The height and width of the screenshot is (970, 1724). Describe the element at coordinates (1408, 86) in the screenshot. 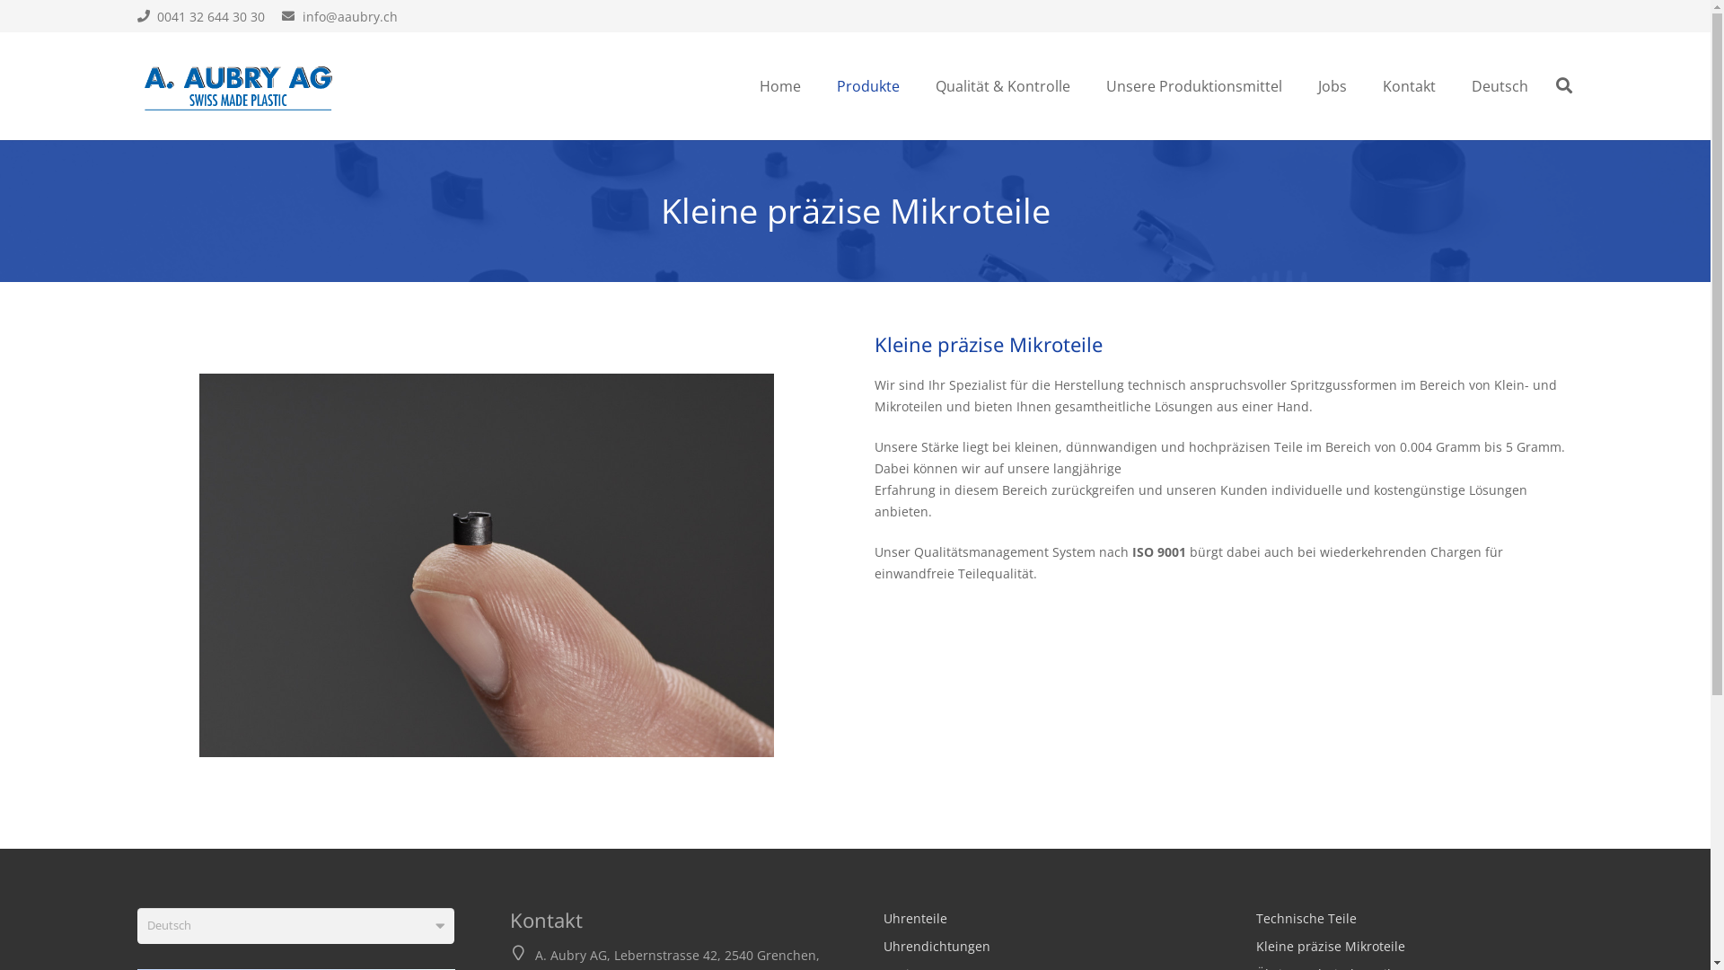

I see `'Kontakt'` at that location.